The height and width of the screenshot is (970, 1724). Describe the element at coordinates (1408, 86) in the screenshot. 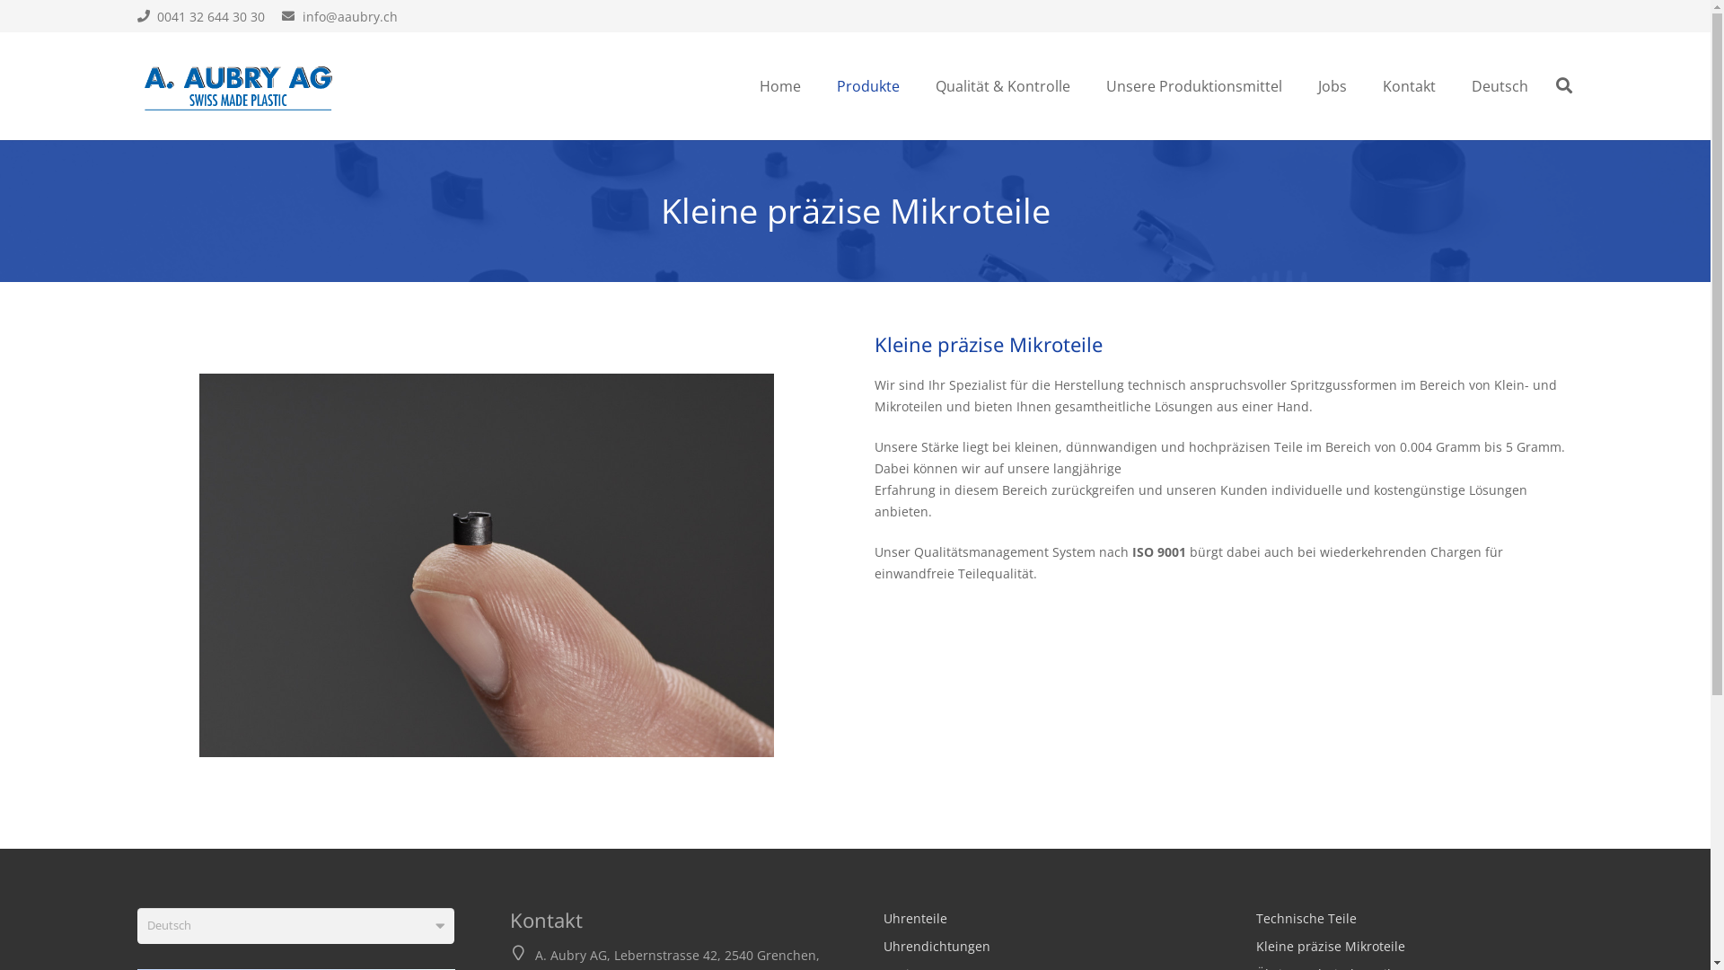

I see `'Kontakt'` at that location.